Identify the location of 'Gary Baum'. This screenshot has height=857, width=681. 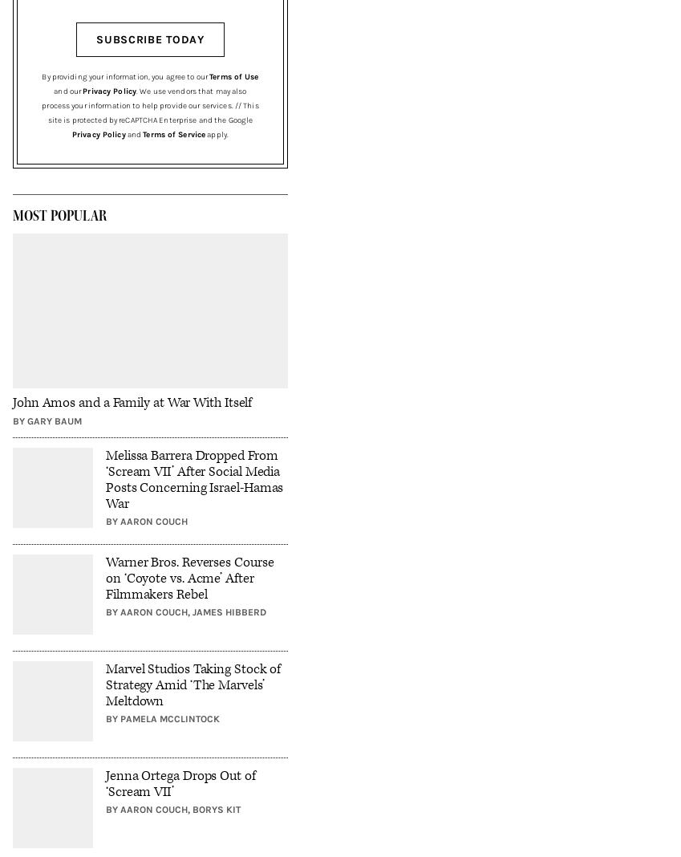
(55, 420).